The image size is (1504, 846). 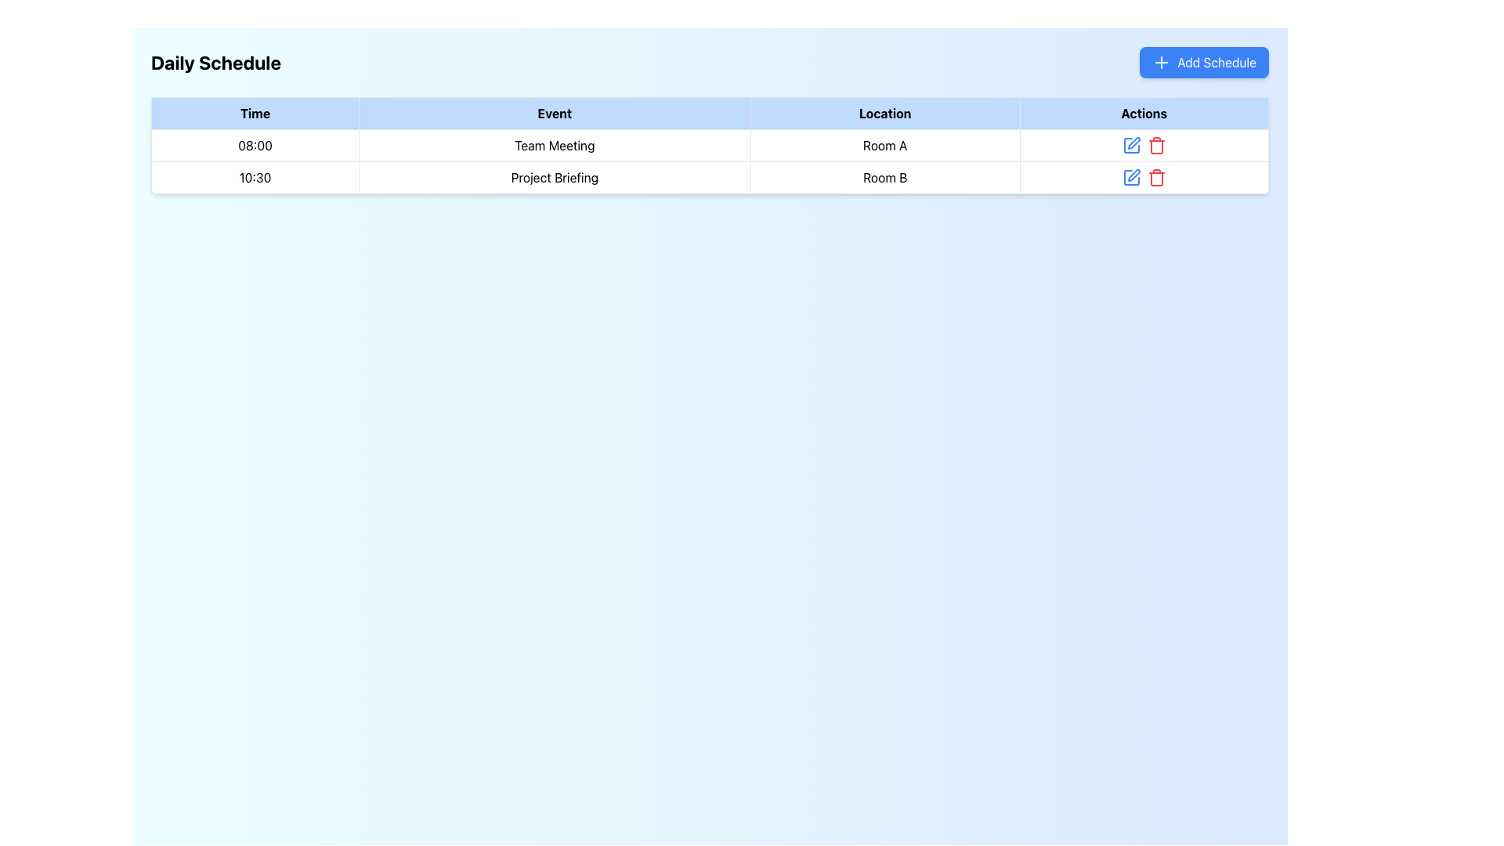 What do you see at coordinates (555, 177) in the screenshot?
I see `the text label displaying 'Project Briefing', which is located in the middle column of the second row of the table under the 'Event' column` at bounding box center [555, 177].